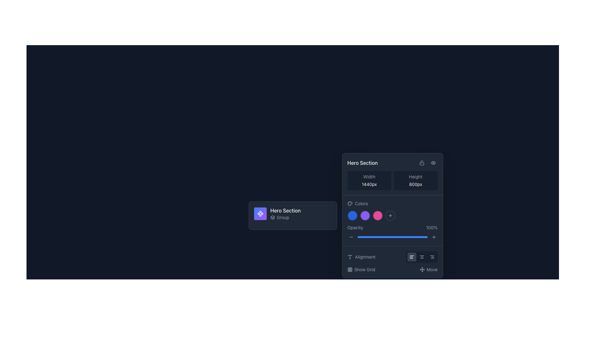 The height and width of the screenshot is (341, 606). Describe the element at coordinates (369, 184) in the screenshot. I see `the text label displaying '1440px' in white, which is located within a grayish rounded box labeled 'Width'` at that location.